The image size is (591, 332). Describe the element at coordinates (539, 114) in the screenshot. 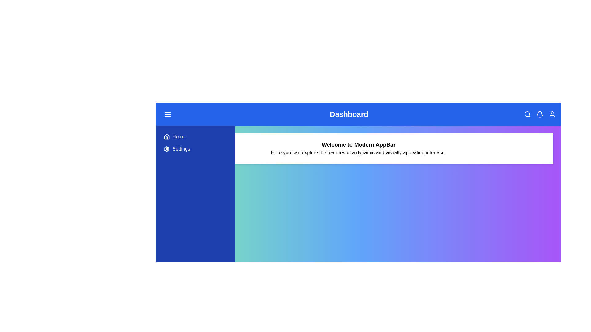

I see `the bell icon to view notifications` at that location.